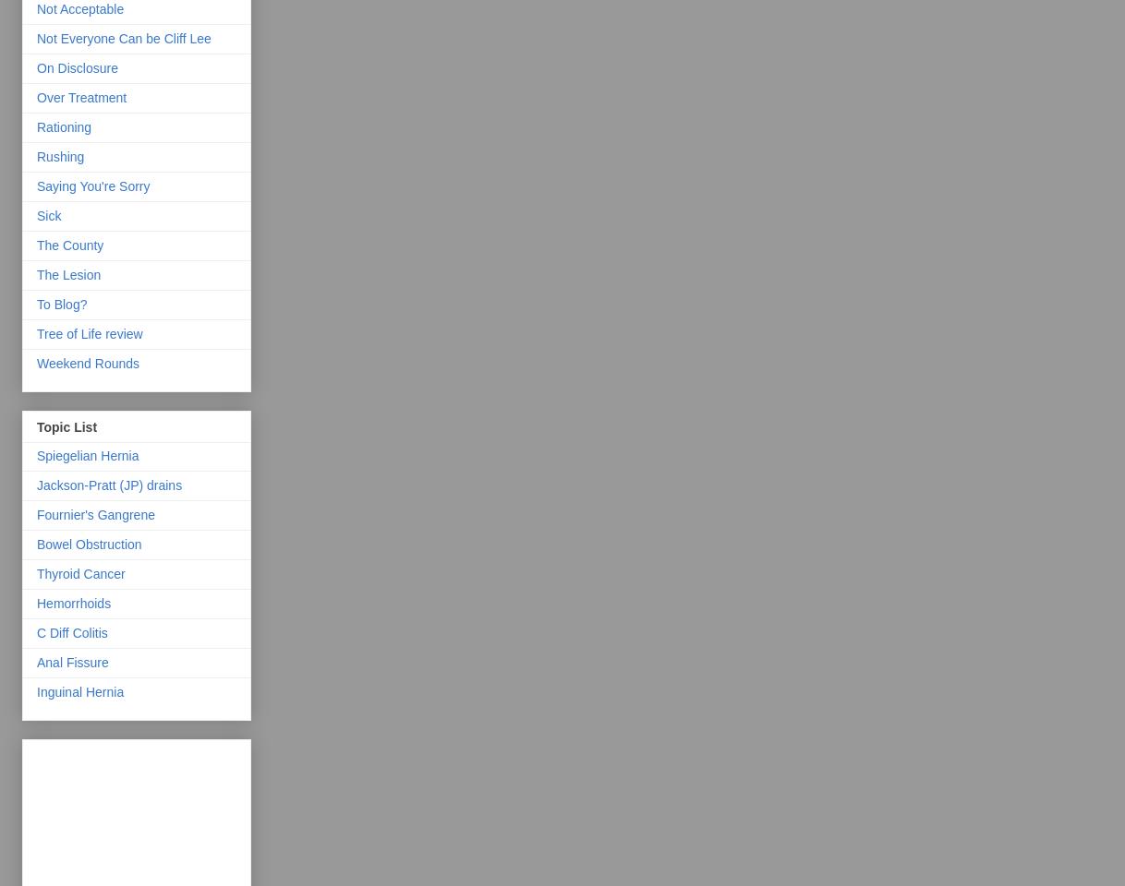  Describe the element at coordinates (36, 453) in the screenshot. I see `'Spiegelian Hernia'` at that location.